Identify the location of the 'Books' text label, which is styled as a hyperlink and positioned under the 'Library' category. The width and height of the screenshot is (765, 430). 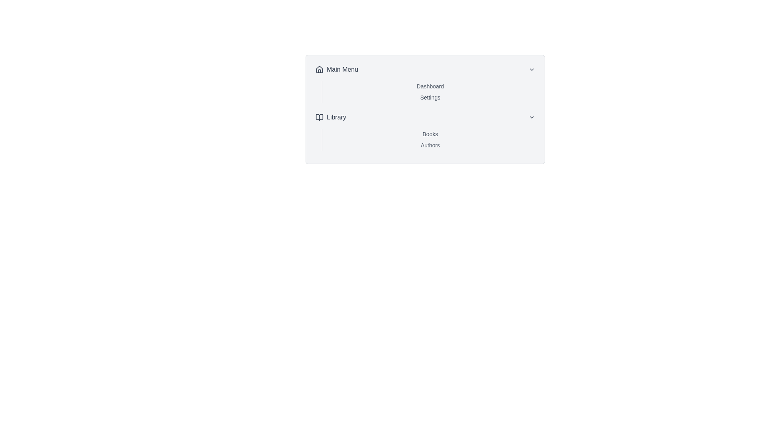
(430, 133).